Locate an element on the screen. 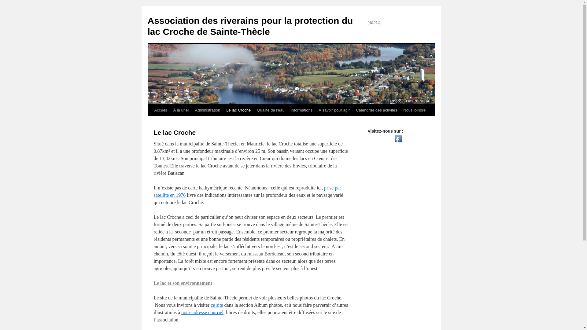 The width and height of the screenshot is (587, 330). 'ce site' is located at coordinates (217, 305).